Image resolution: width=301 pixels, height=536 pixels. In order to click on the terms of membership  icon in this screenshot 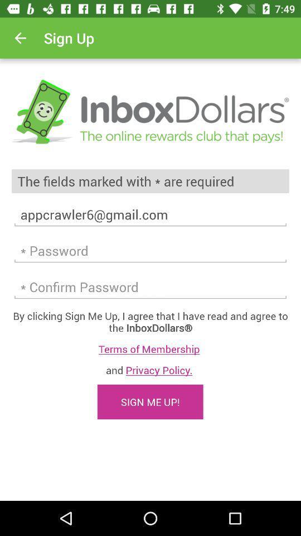, I will do `click(151, 348)`.